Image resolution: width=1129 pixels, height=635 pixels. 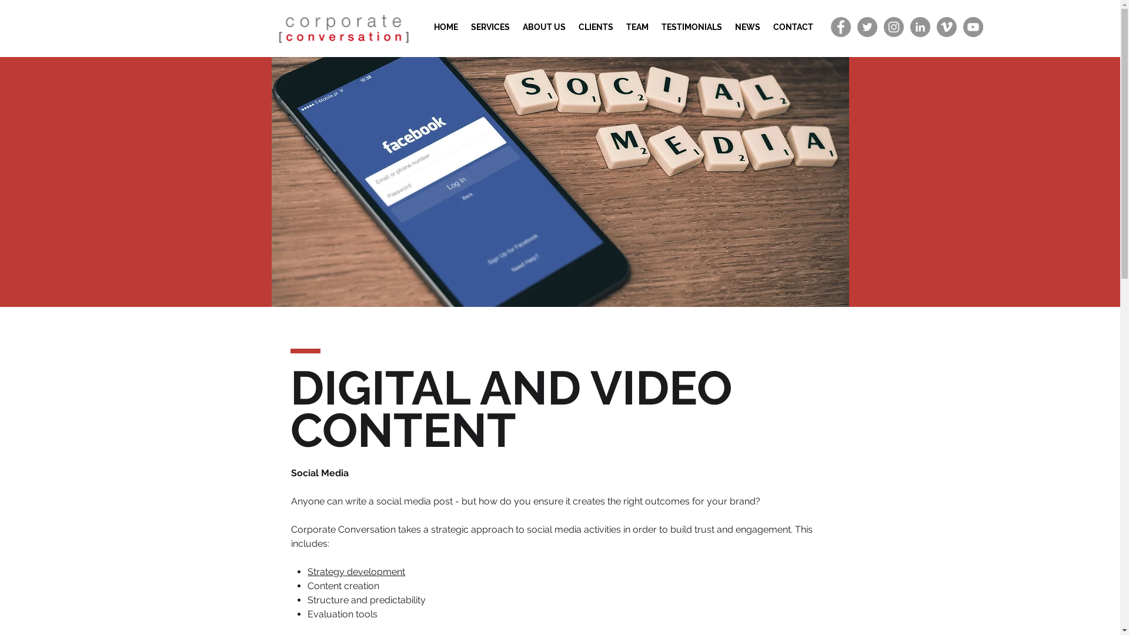 What do you see at coordinates (355, 571) in the screenshot?
I see `'Strategy development'` at bounding box center [355, 571].